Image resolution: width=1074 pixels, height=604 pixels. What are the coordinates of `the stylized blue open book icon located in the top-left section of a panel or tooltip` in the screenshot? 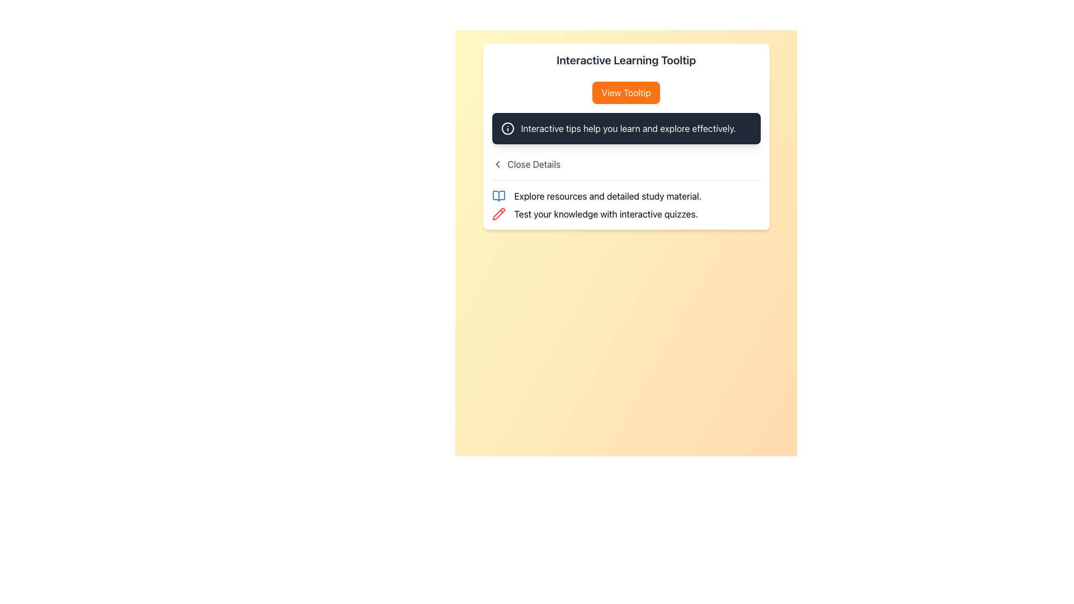 It's located at (498, 196).